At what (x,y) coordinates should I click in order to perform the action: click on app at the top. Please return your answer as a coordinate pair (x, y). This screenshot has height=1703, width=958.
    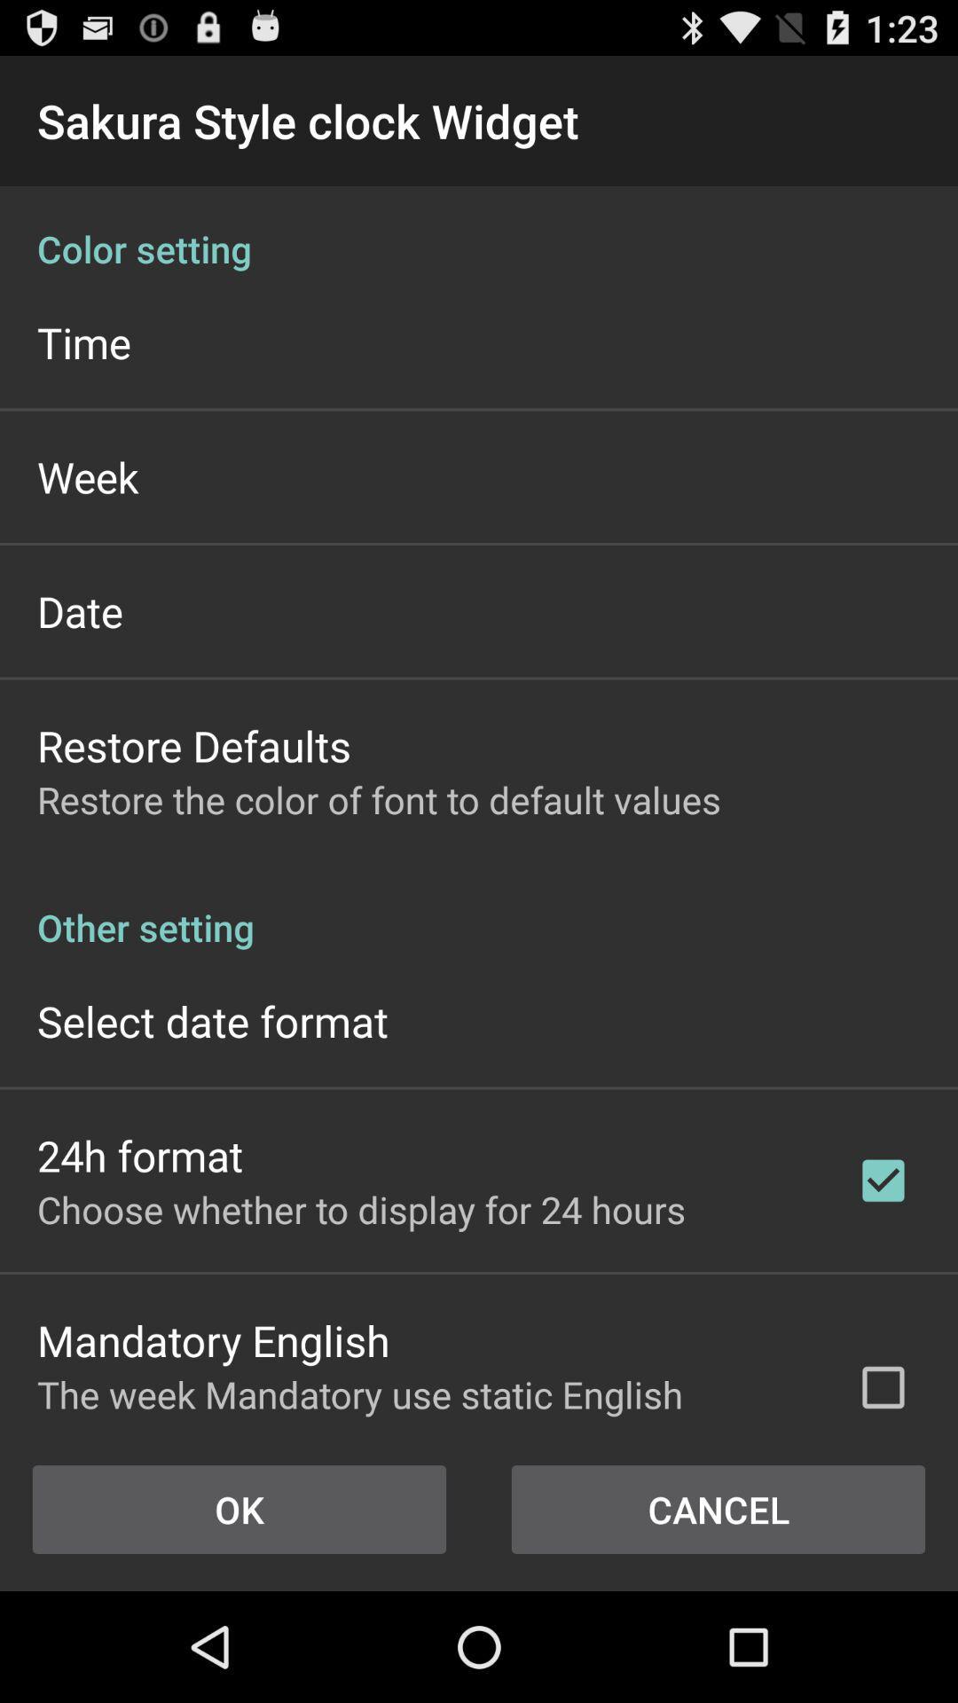
    Looking at the image, I should click on (479, 229).